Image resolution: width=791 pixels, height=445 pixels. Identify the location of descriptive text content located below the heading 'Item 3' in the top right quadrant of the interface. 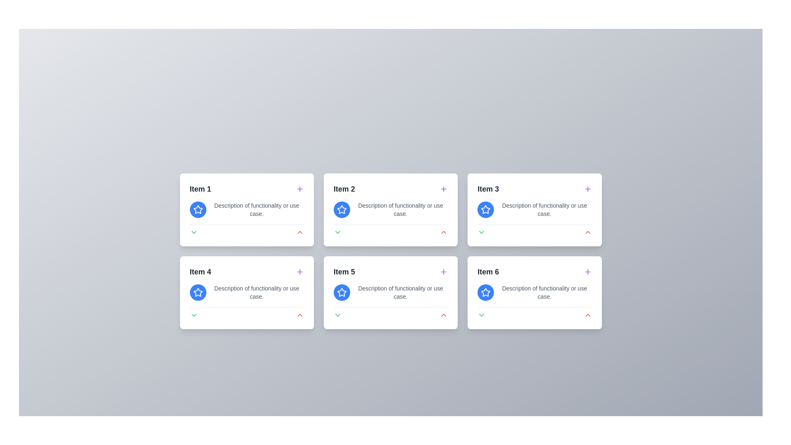
(534, 209).